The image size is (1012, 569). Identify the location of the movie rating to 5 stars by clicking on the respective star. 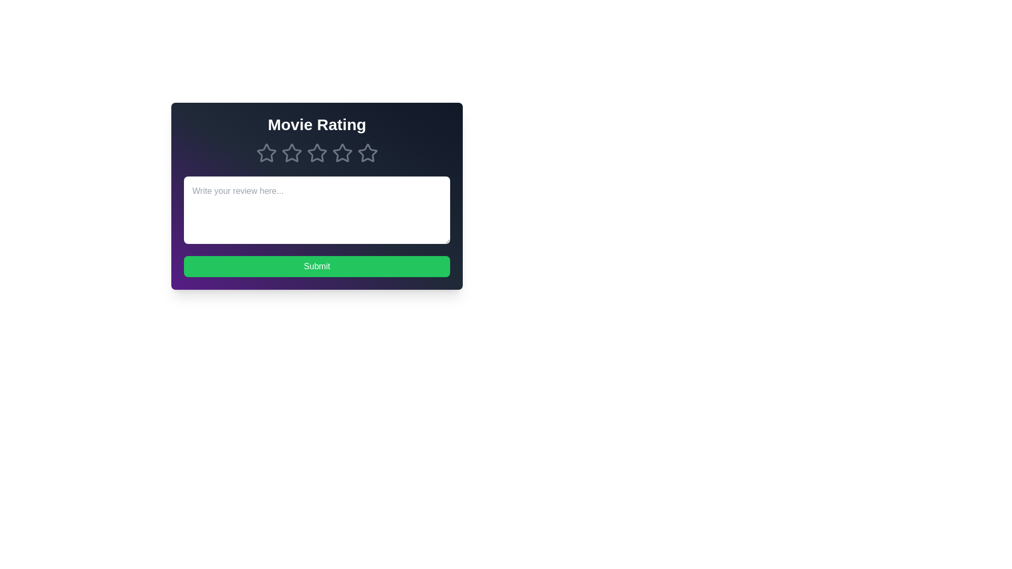
(367, 153).